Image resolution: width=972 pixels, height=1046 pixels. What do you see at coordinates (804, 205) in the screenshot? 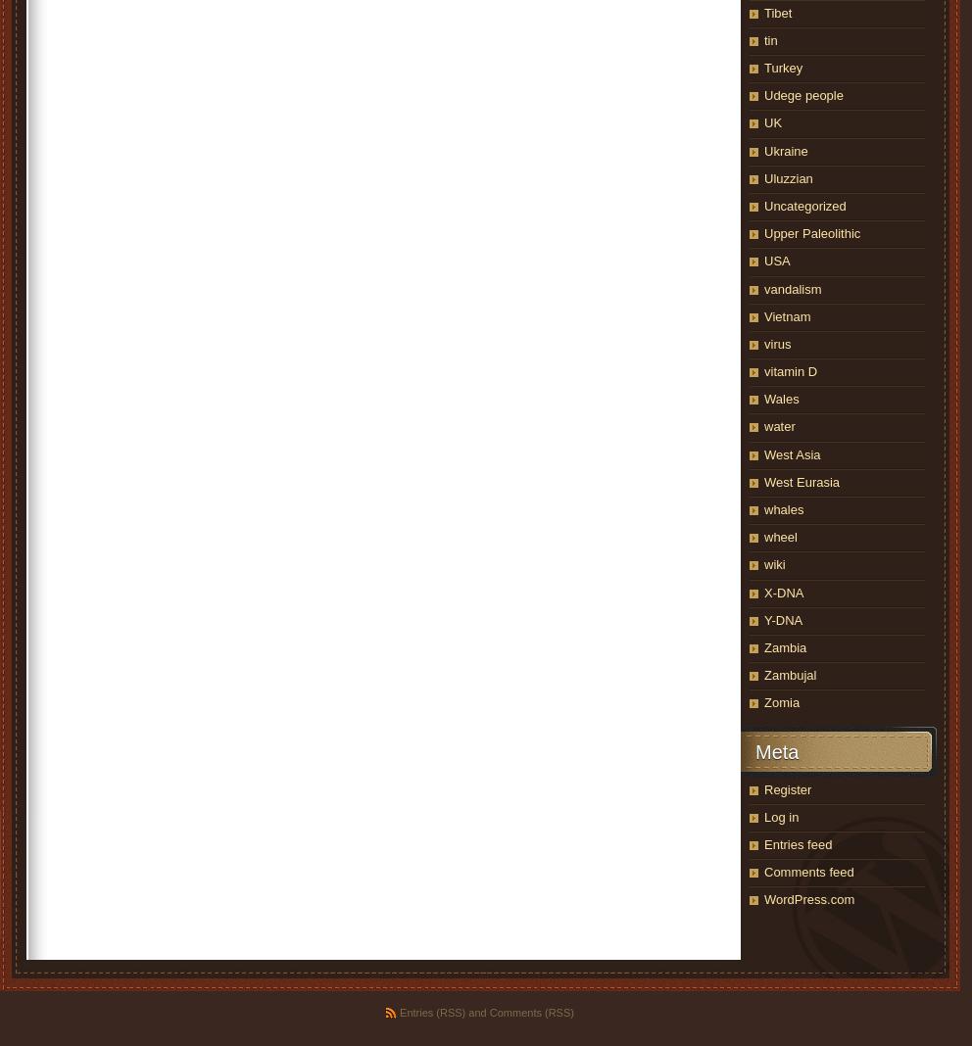
I see `'Uncategorized'` at bounding box center [804, 205].